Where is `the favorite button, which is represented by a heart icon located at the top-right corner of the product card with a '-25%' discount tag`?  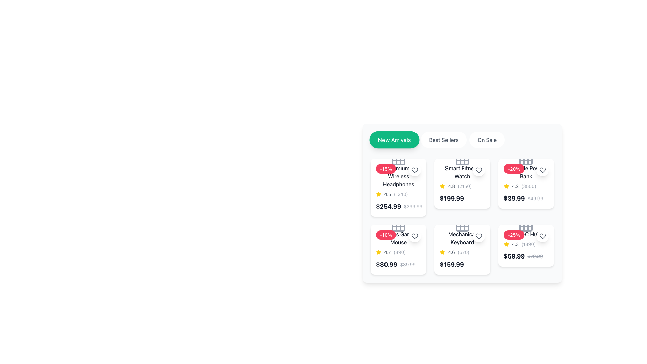 the favorite button, which is represented by a heart icon located at the top-right corner of the product card with a '-25%' discount tag is located at coordinates (542, 236).